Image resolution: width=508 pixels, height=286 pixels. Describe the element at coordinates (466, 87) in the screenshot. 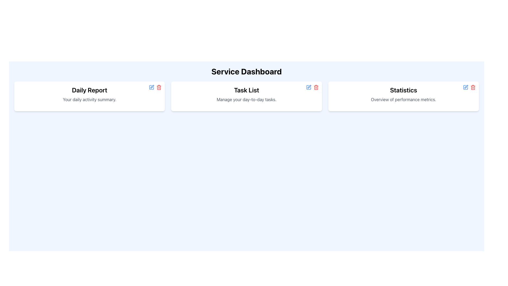

I see `the line-art style square icon with a pen overlay, located to the left of the word 'Statistics' in the rightmost card` at that location.